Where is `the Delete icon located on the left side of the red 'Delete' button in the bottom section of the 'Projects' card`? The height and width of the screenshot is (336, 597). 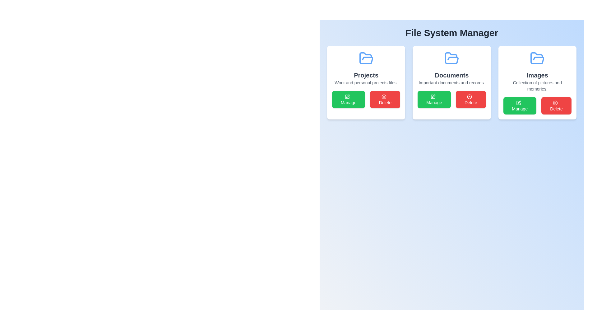 the Delete icon located on the left side of the red 'Delete' button in the bottom section of the 'Projects' card is located at coordinates (383, 97).